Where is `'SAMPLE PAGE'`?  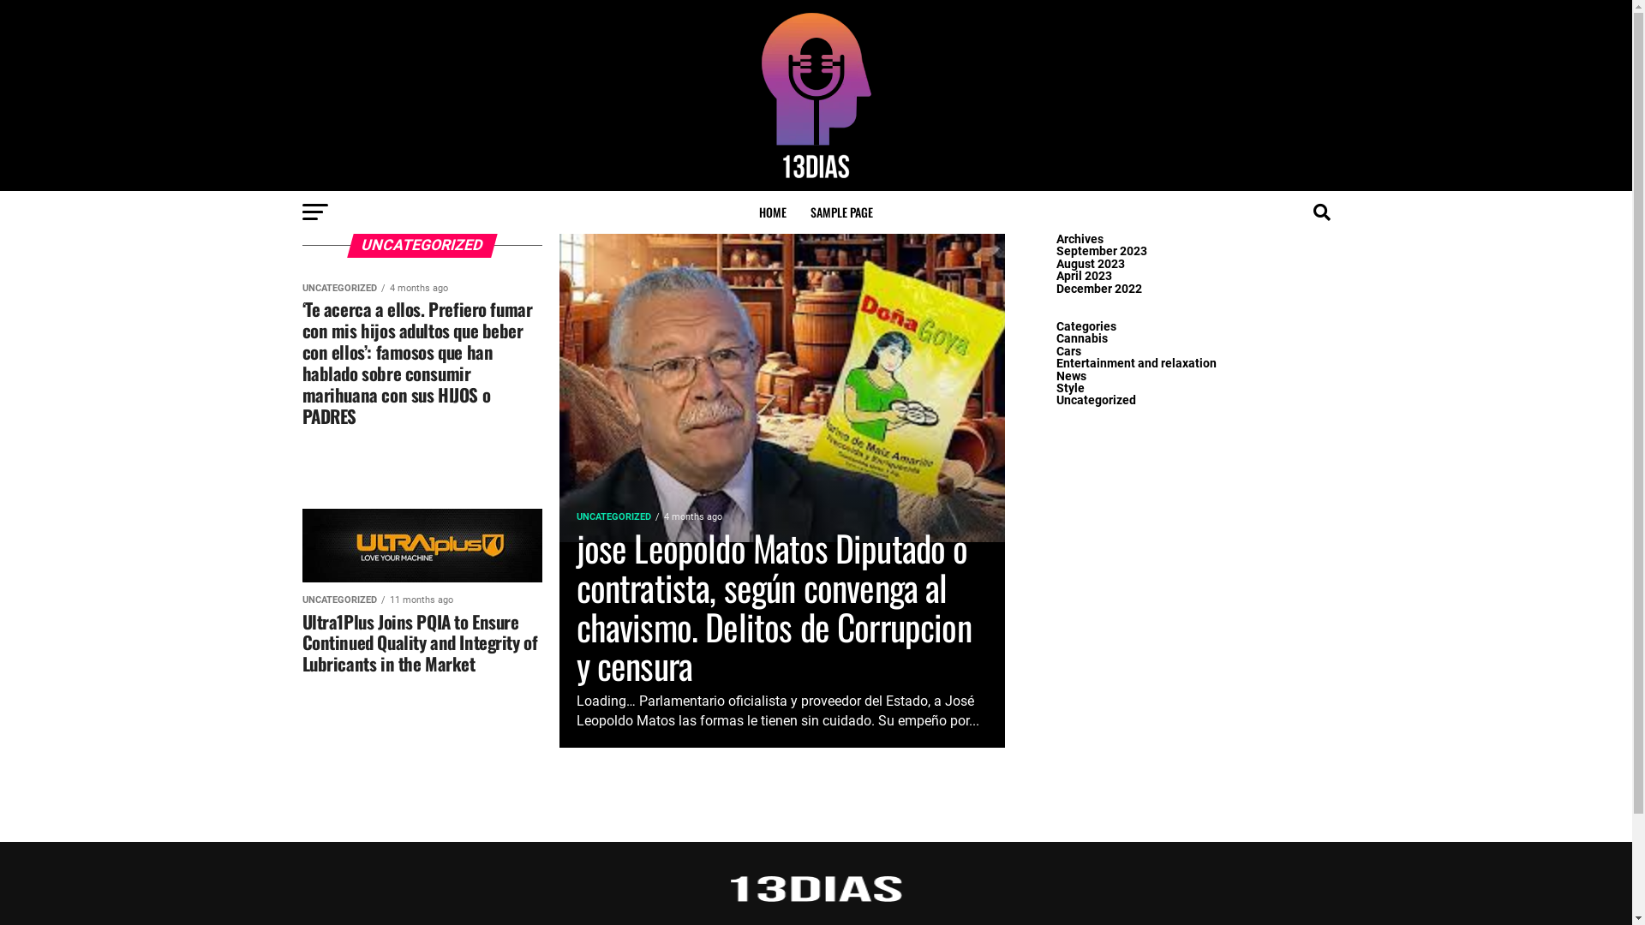 'SAMPLE PAGE' is located at coordinates (841, 211).